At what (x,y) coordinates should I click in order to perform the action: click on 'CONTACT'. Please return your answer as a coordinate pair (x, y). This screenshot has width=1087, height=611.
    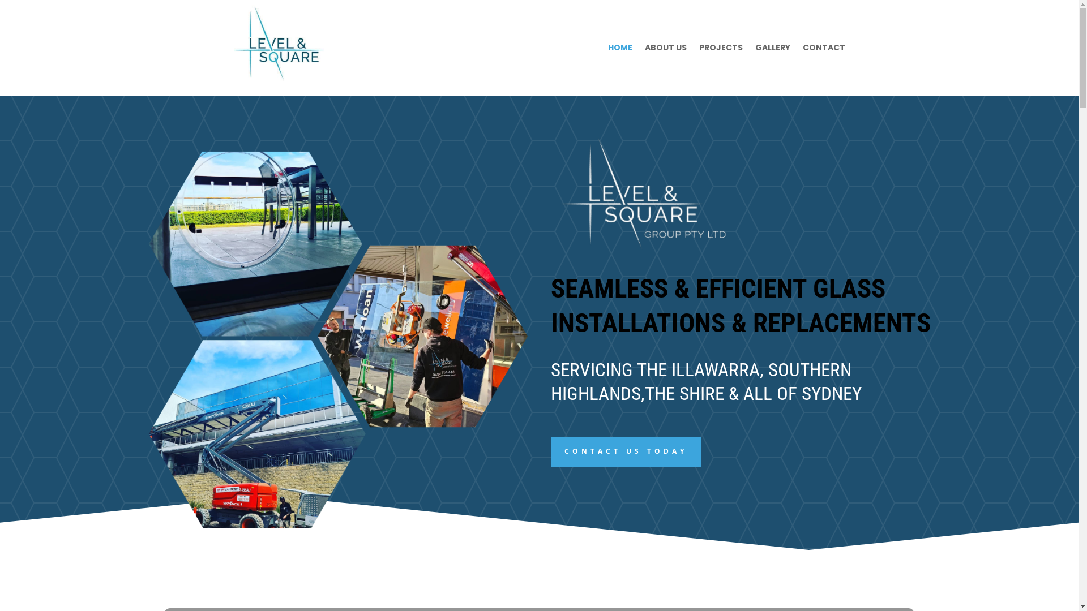
    Looking at the image, I should click on (824, 47).